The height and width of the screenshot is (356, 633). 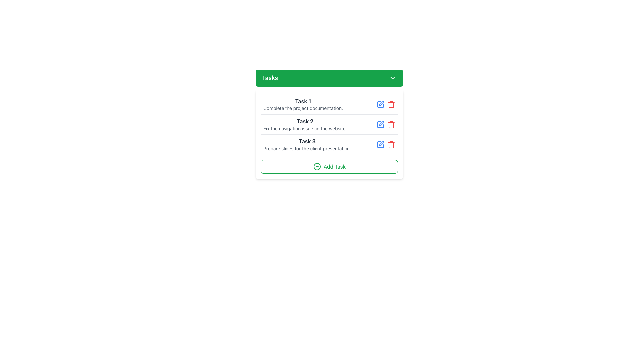 I want to click on the rightmost icon button for editing the details of the third task in the 'Tasks' dropdown interface, so click(x=381, y=143).